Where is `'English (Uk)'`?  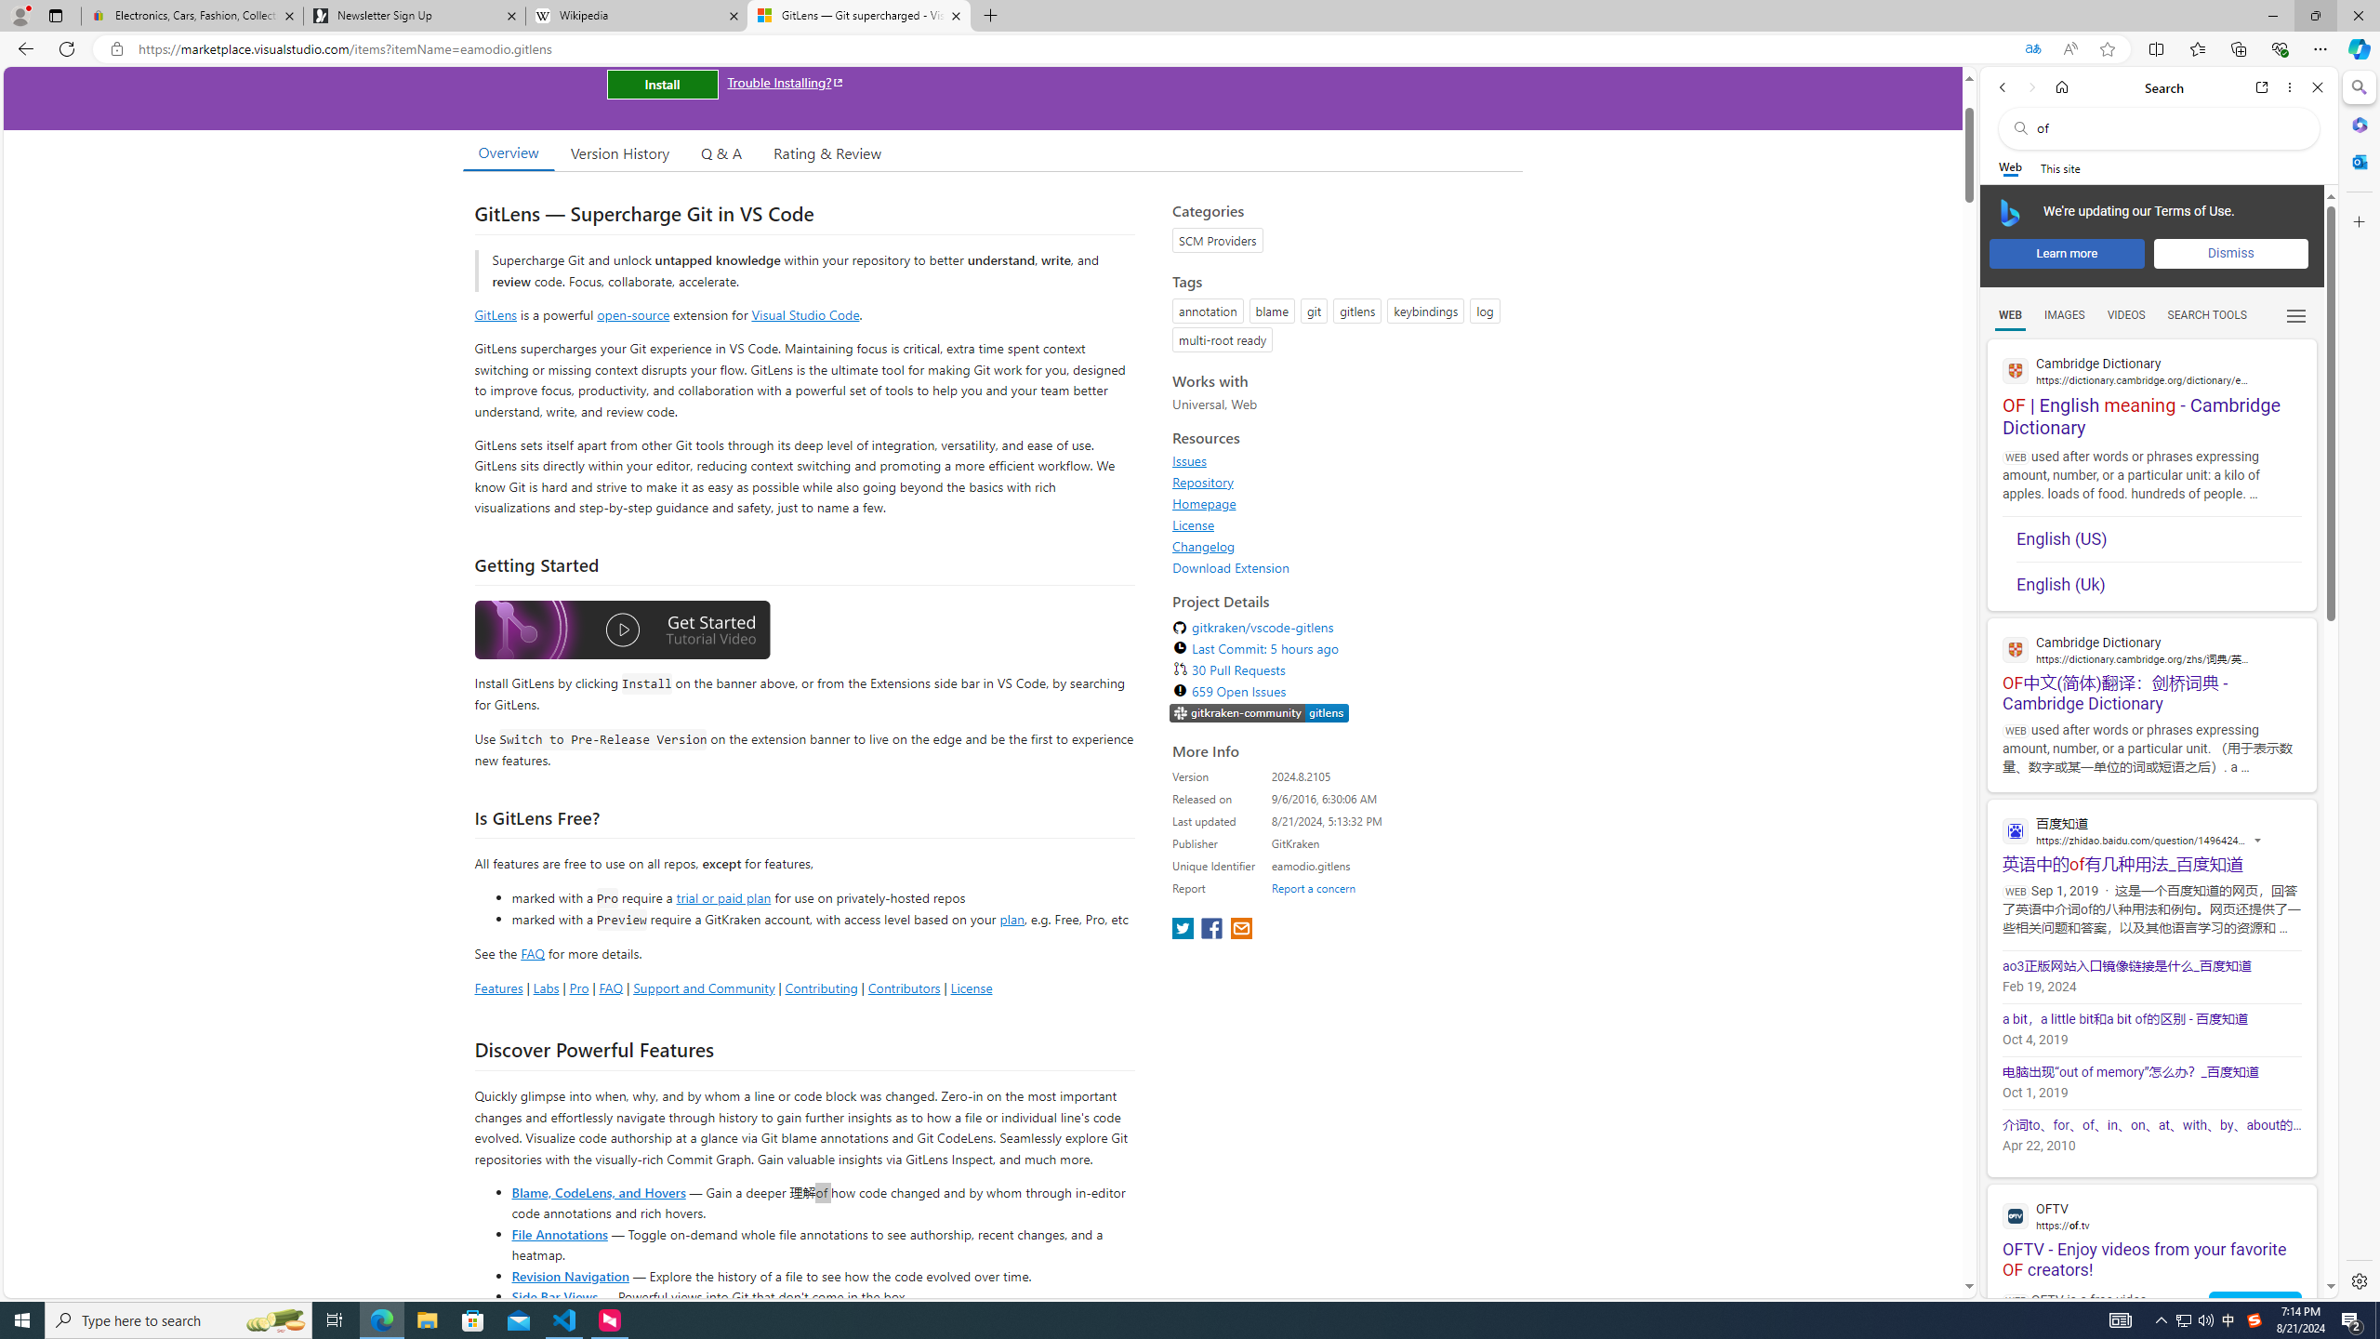 'English (Uk)' is located at coordinates (2157, 577).